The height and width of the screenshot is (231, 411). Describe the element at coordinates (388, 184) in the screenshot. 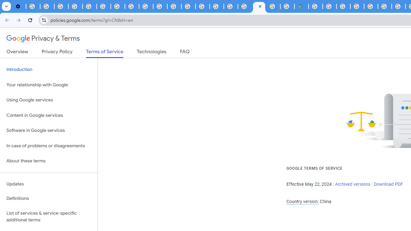

I see `'Download PDF'` at that location.